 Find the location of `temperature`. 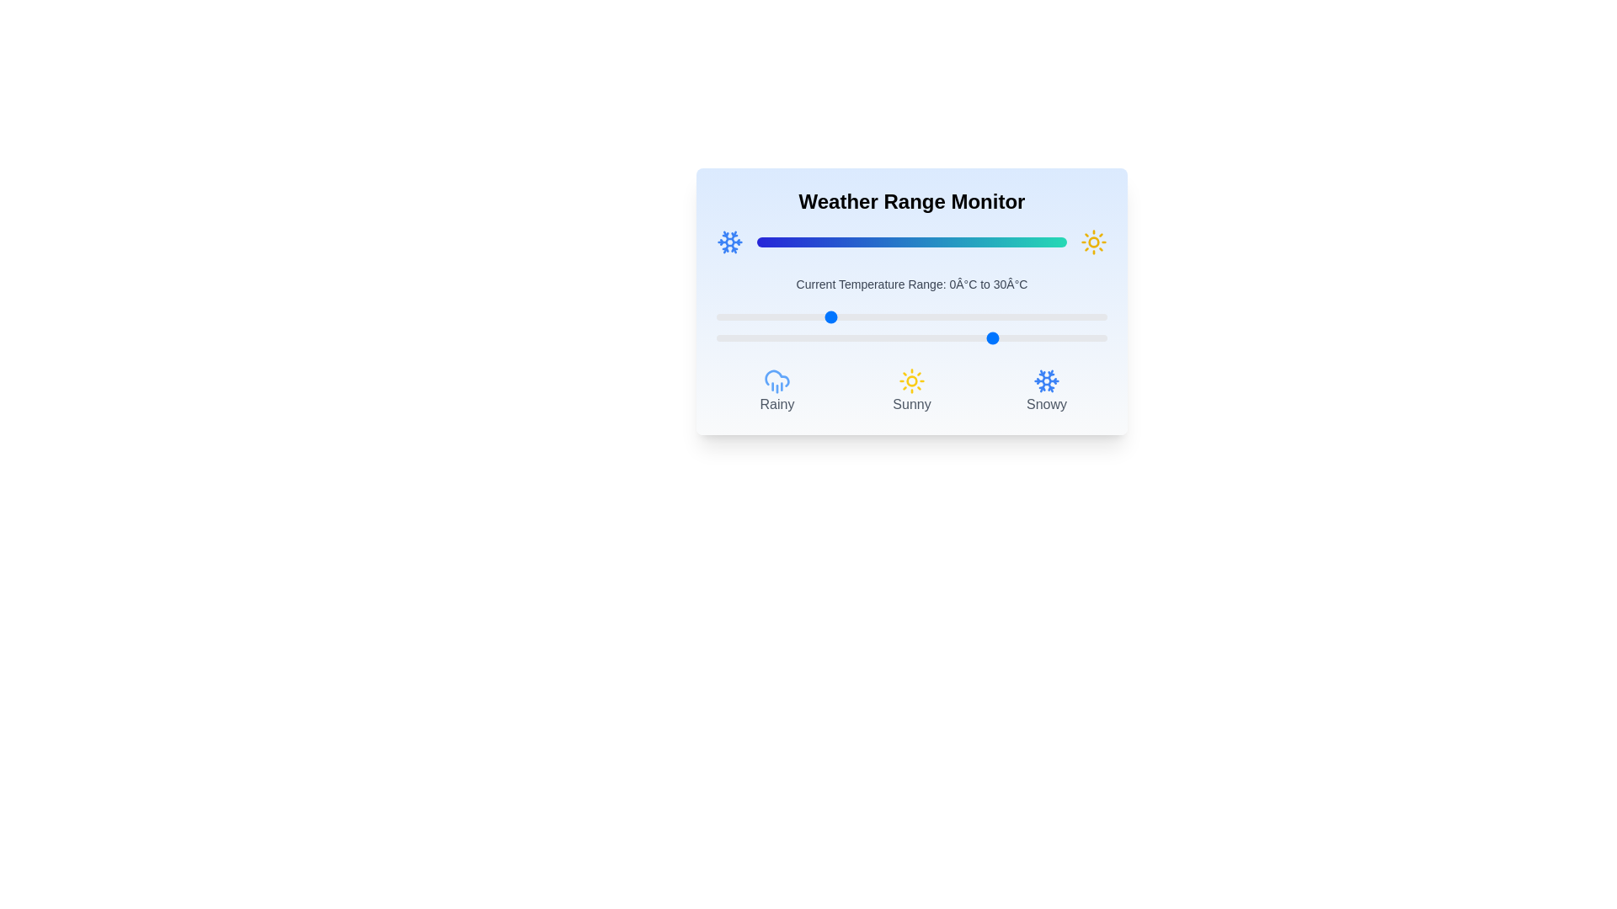

temperature is located at coordinates (782, 338).